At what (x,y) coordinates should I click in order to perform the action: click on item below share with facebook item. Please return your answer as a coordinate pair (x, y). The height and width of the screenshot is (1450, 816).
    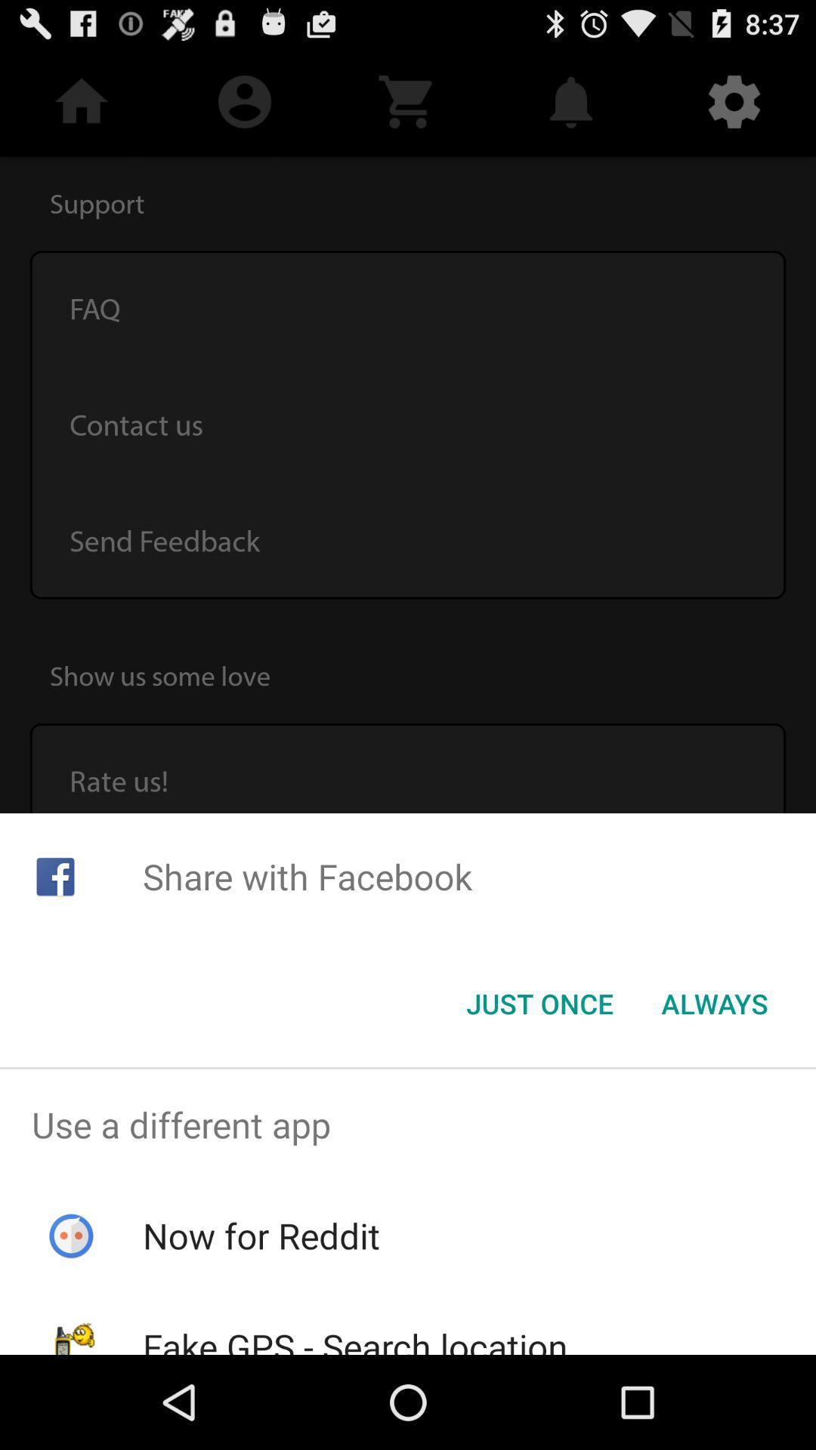
    Looking at the image, I should click on (714, 1004).